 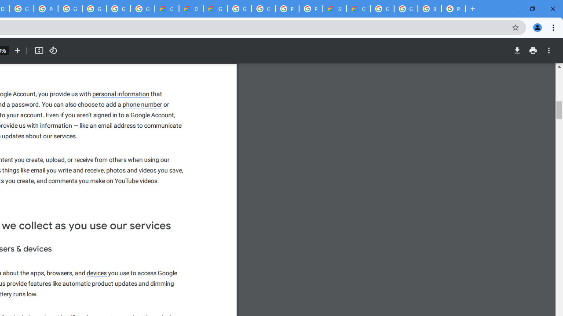 What do you see at coordinates (517, 50) in the screenshot?
I see `'Download'` at bounding box center [517, 50].